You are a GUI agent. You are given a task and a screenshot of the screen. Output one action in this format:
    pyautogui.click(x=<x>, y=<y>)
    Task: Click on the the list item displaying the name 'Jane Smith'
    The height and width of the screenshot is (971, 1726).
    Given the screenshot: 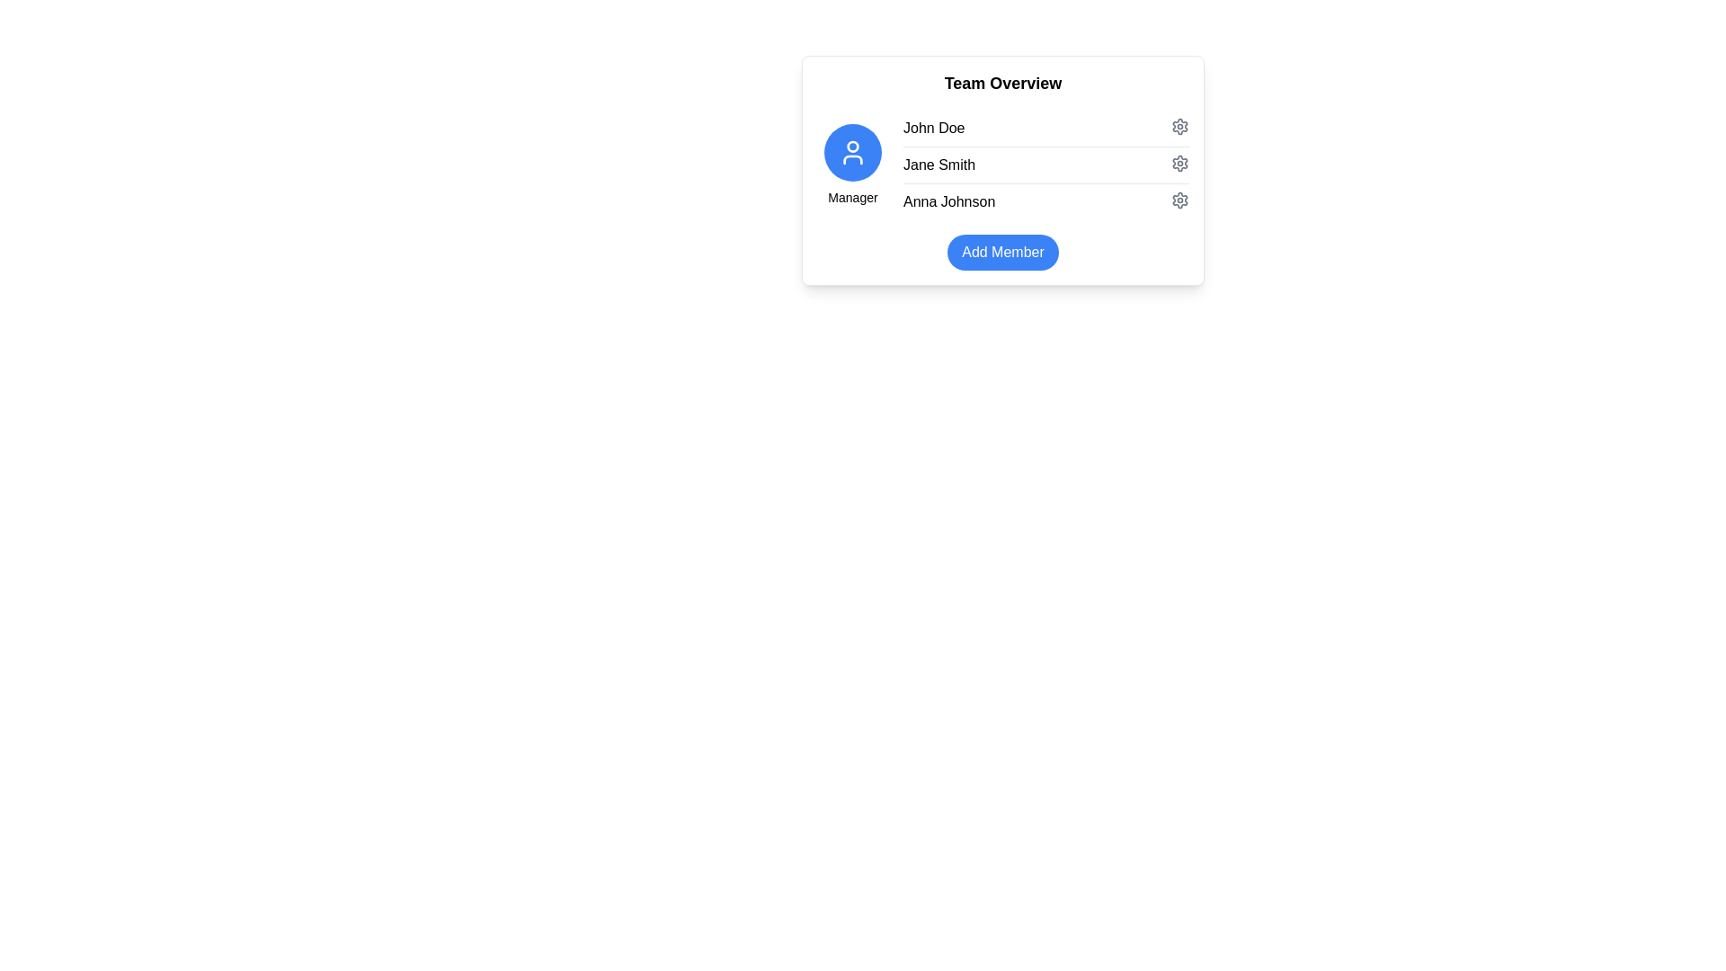 What is the action you would take?
    pyautogui.click(x=1002, y=165)
    